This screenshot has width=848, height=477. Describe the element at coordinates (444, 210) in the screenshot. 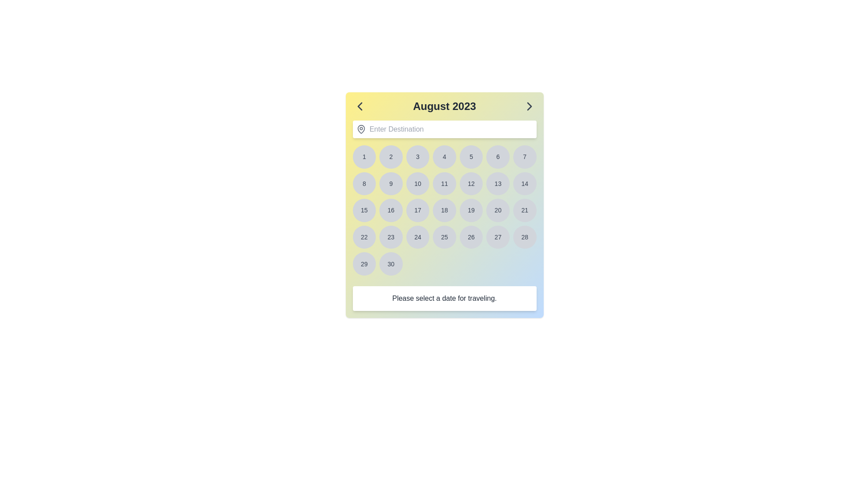

I see `the button that allows the user to select the date the 18th in the displayed month 'August 2023' in the fourth row and fourth column of a 7x5 grid` at that location.